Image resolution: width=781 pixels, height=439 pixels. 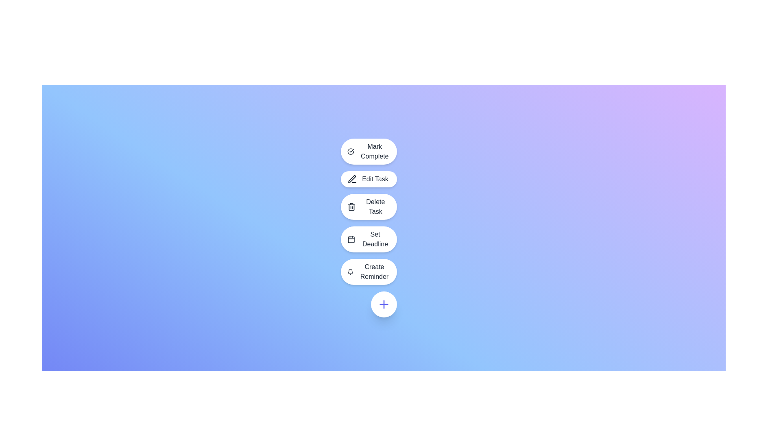 What do you see at coordinates (383, 304) in the screenshot?
I see `the central icon within the circular button at the bottom of the vertical list` at bounding box center [383, 304].